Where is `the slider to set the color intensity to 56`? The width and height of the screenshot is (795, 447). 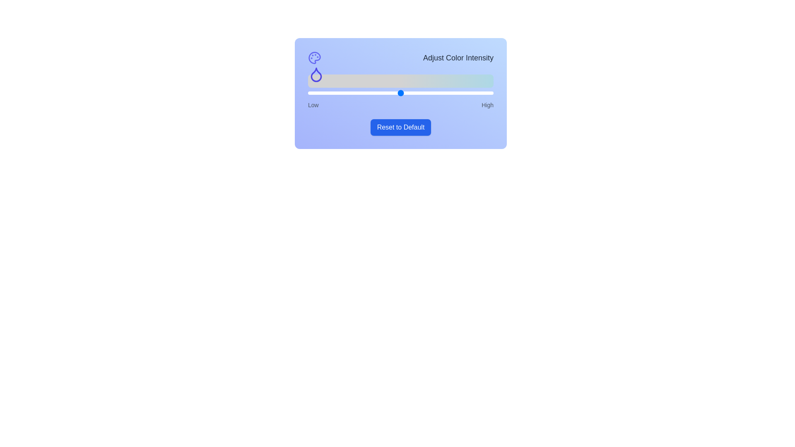 the slider to set the color intensity to 56 is located at coordinates (412, 93).